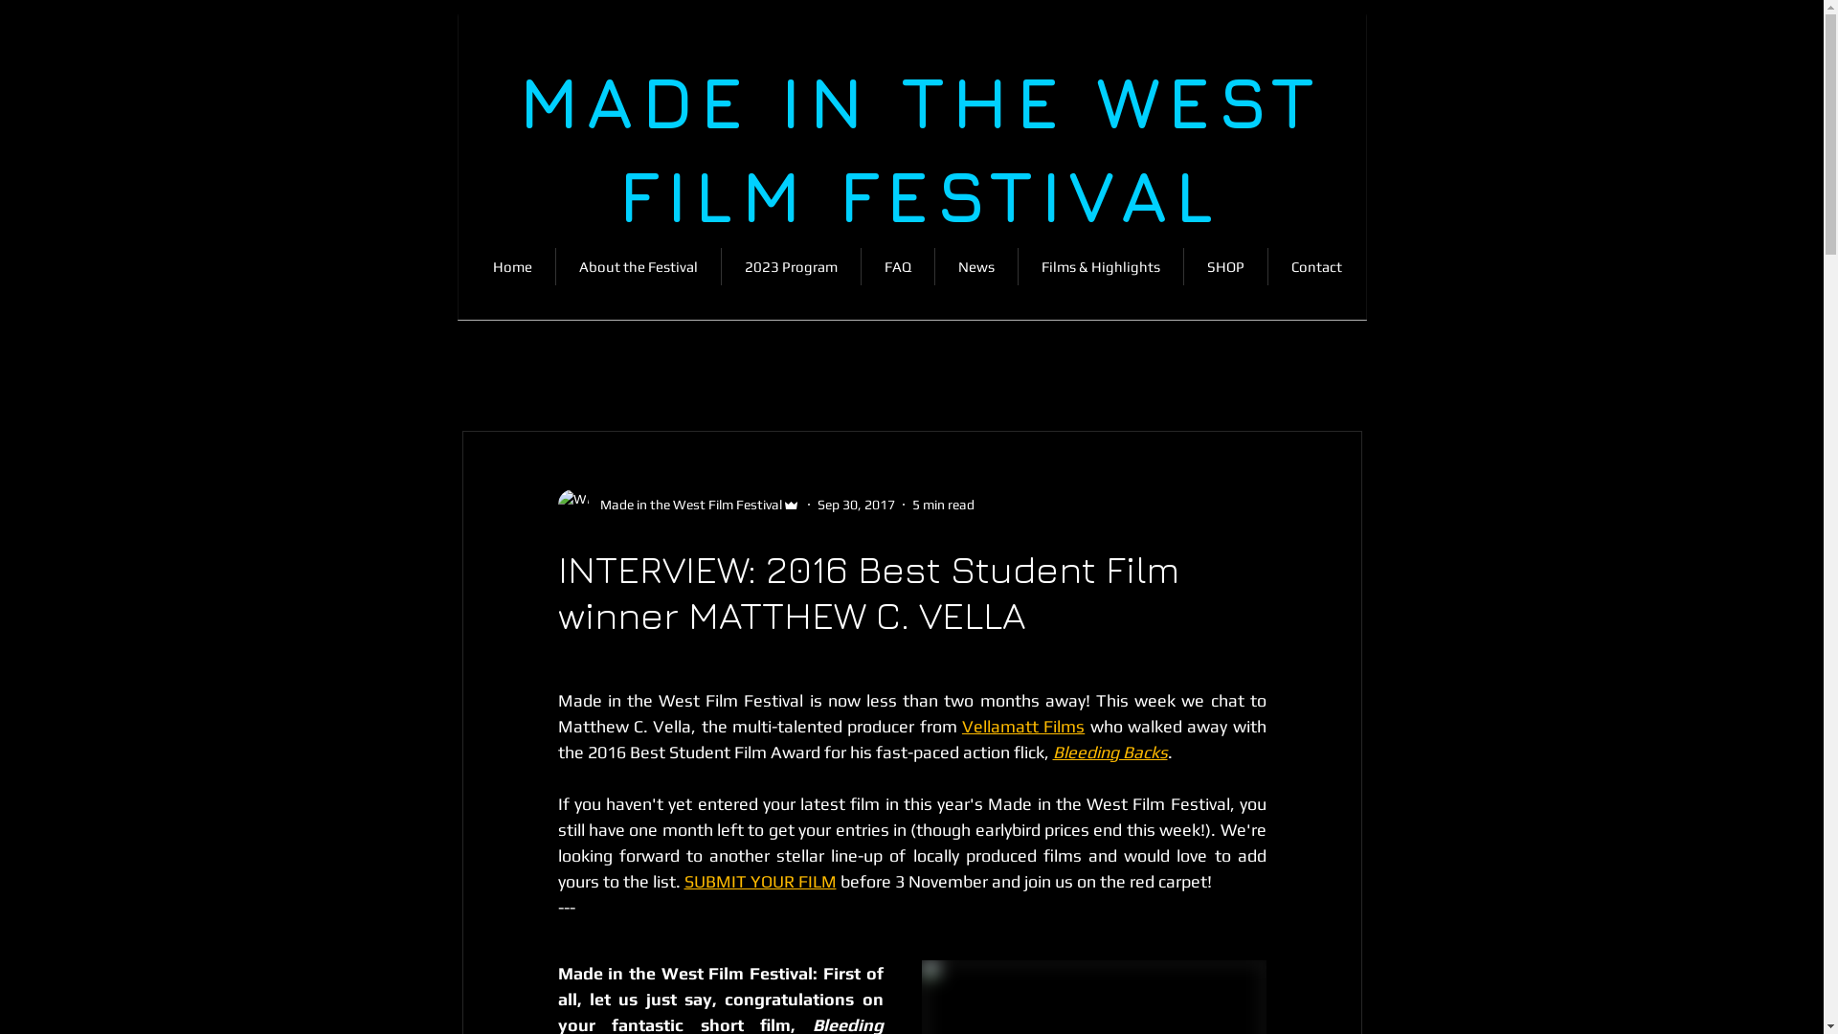 This screenshot has height=1034, width=1838. Describe the element at coordinates (1101, 266) in the screenshot. I see `'Films & Highlights'` at that location.